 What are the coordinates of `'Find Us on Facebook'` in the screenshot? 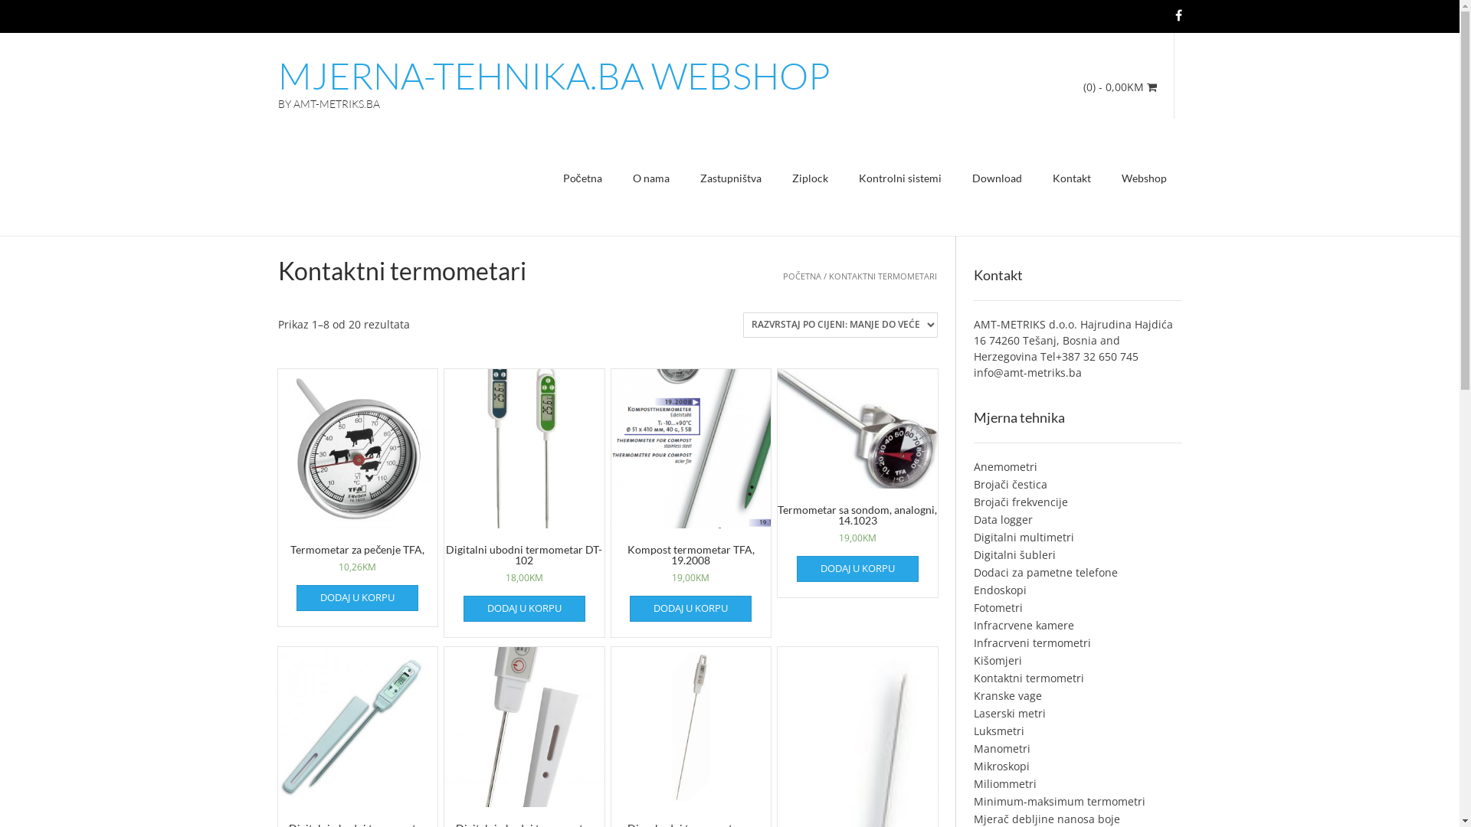 It's located at (1178, 15).